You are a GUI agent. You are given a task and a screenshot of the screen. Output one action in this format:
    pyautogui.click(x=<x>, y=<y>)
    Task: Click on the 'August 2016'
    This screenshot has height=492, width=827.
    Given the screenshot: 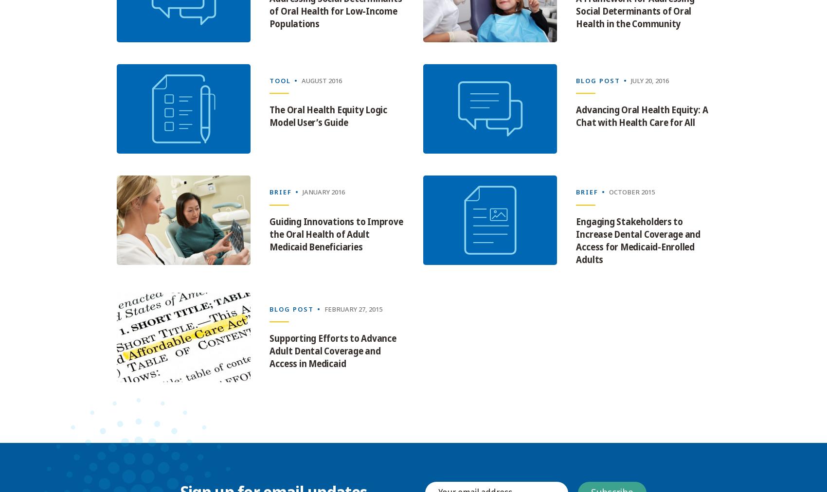 What is the action you would take?
    pyautogui.click(x=322, y=80)
    